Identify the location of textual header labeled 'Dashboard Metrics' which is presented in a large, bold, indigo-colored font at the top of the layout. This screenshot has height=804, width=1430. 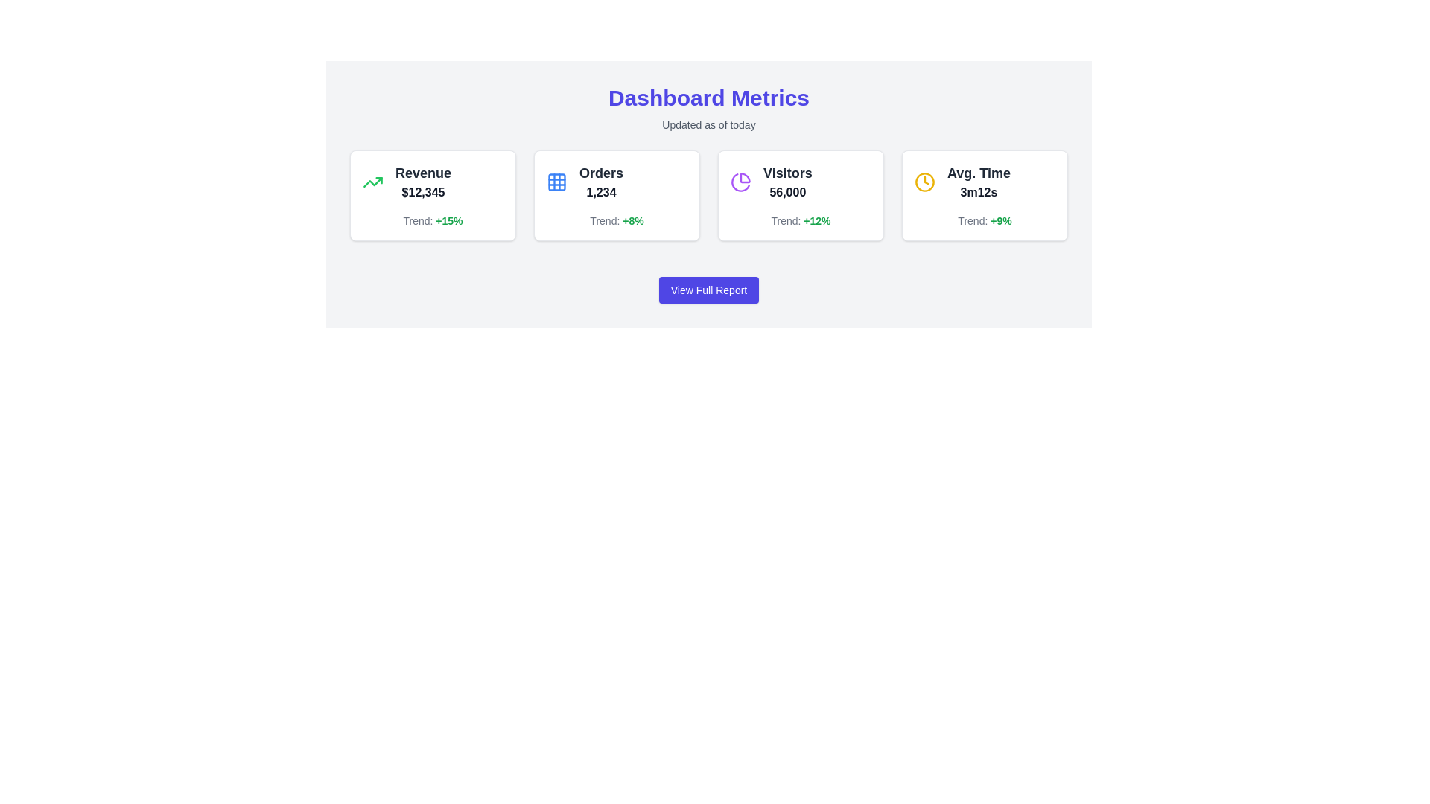
(708, 98).